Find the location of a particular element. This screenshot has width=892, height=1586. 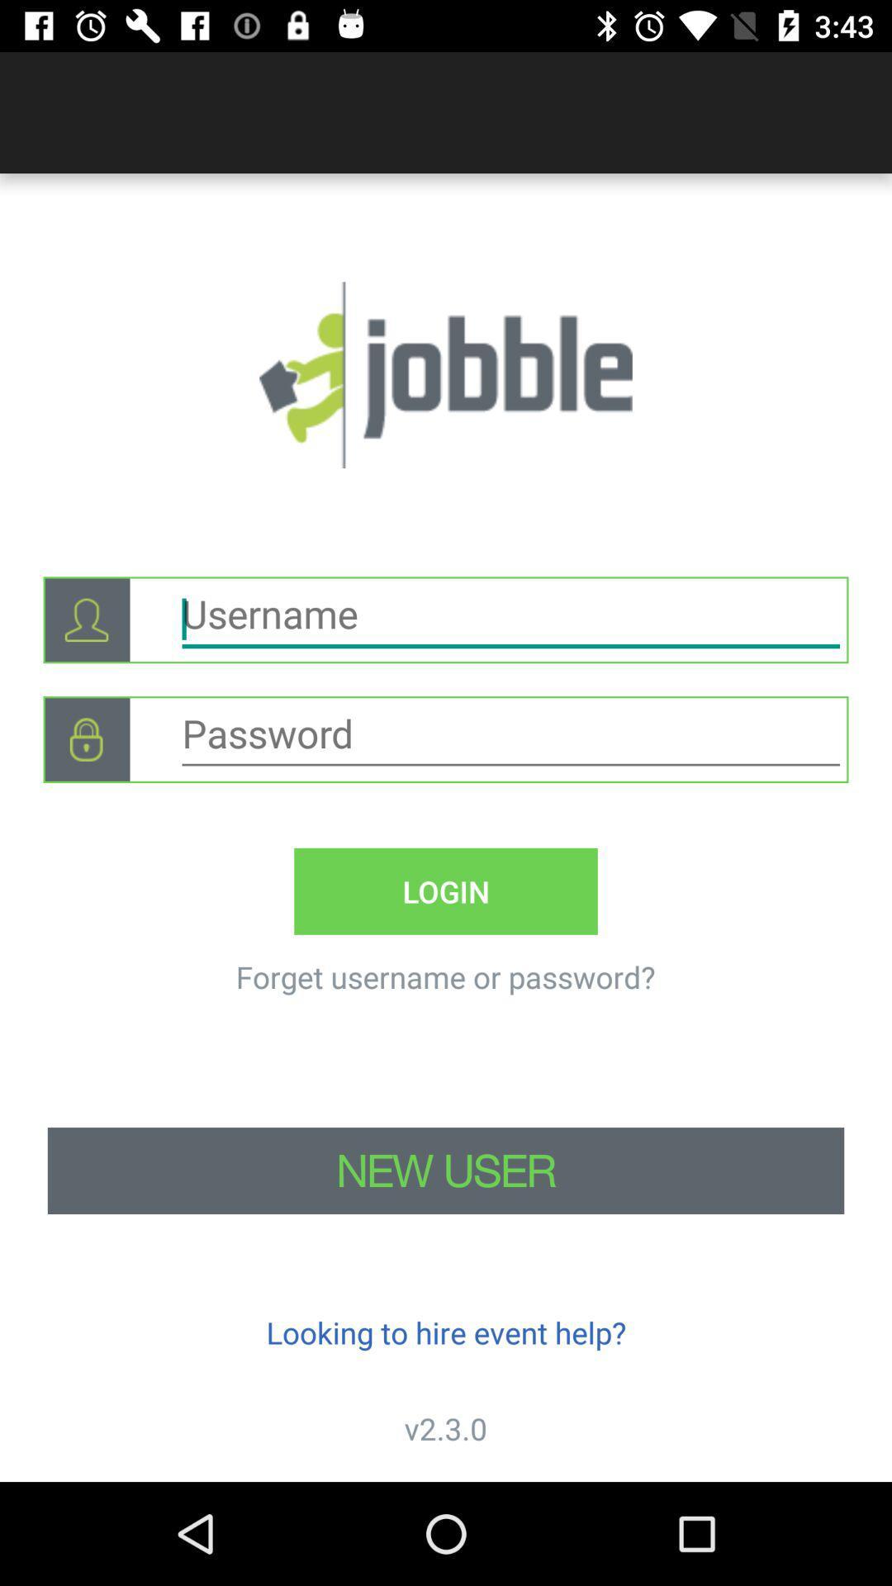

the forget username or icon is located at coordinates (444, 976).